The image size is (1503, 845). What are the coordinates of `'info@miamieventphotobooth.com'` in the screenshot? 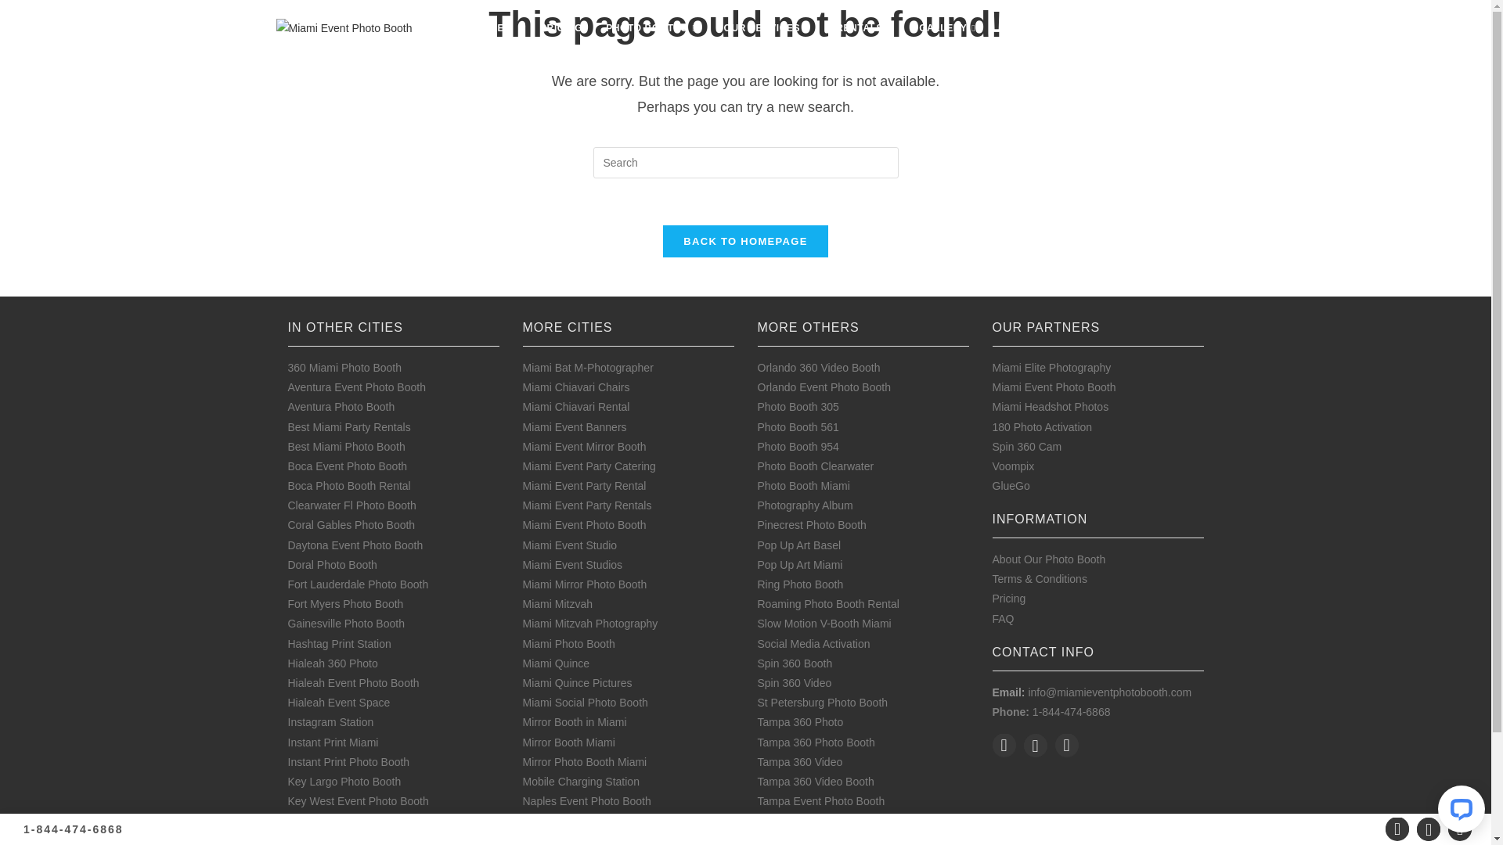 It's located at (1028, 691).